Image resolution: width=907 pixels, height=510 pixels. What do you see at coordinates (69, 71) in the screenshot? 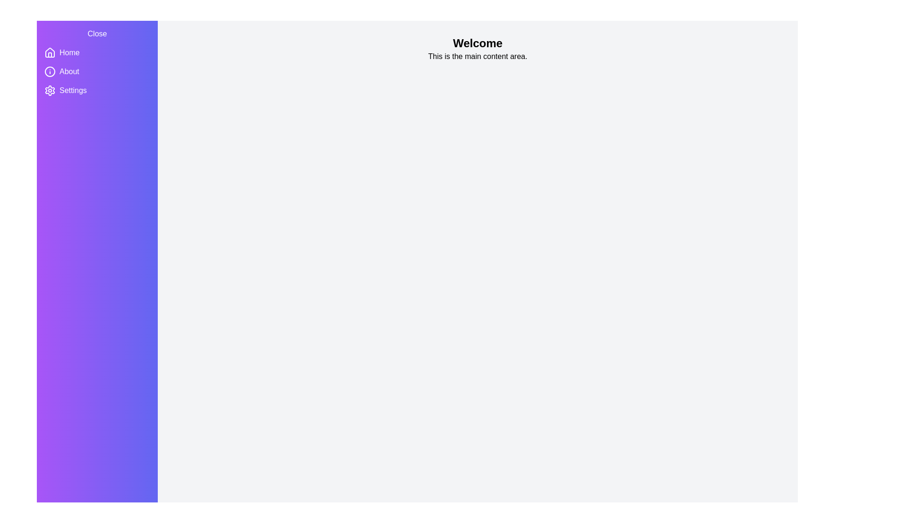
I see `the About item in the drawer to navigate to the respective section` at bounding box center [69, 71].